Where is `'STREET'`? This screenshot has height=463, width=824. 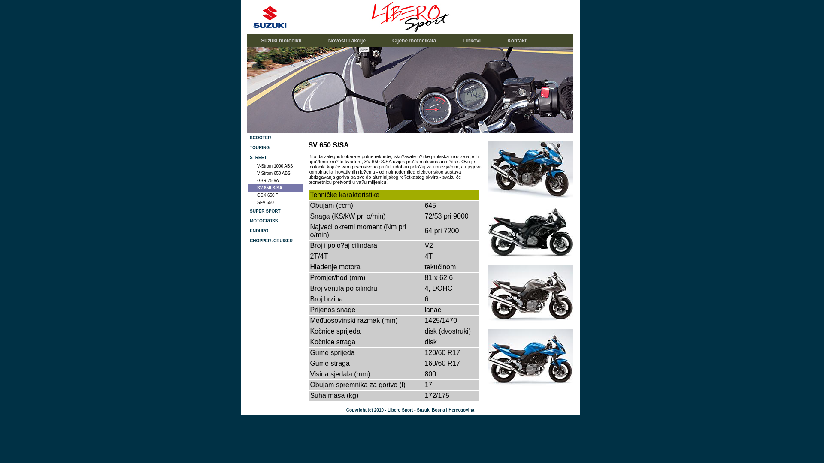 'STREET' is located at coordinates (276, 157).